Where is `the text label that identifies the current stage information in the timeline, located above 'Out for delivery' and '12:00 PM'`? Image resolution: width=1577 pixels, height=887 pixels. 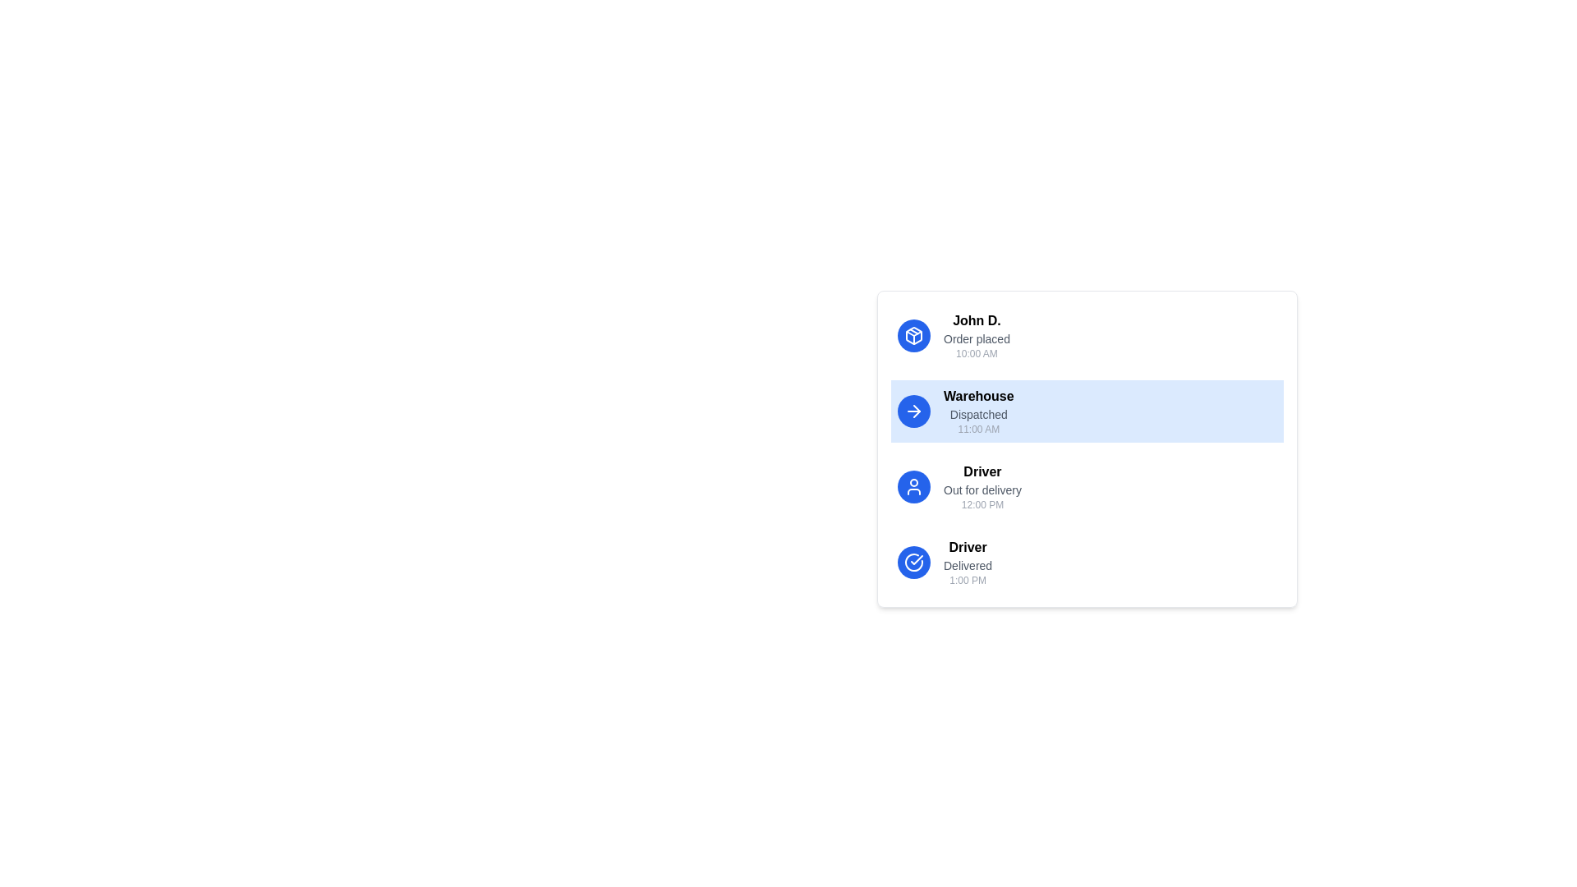
the text label that identifies the current stage information in the timeline, located above 'Out for delivery' and '12:00 PM' is located at coordinates (982, 471).